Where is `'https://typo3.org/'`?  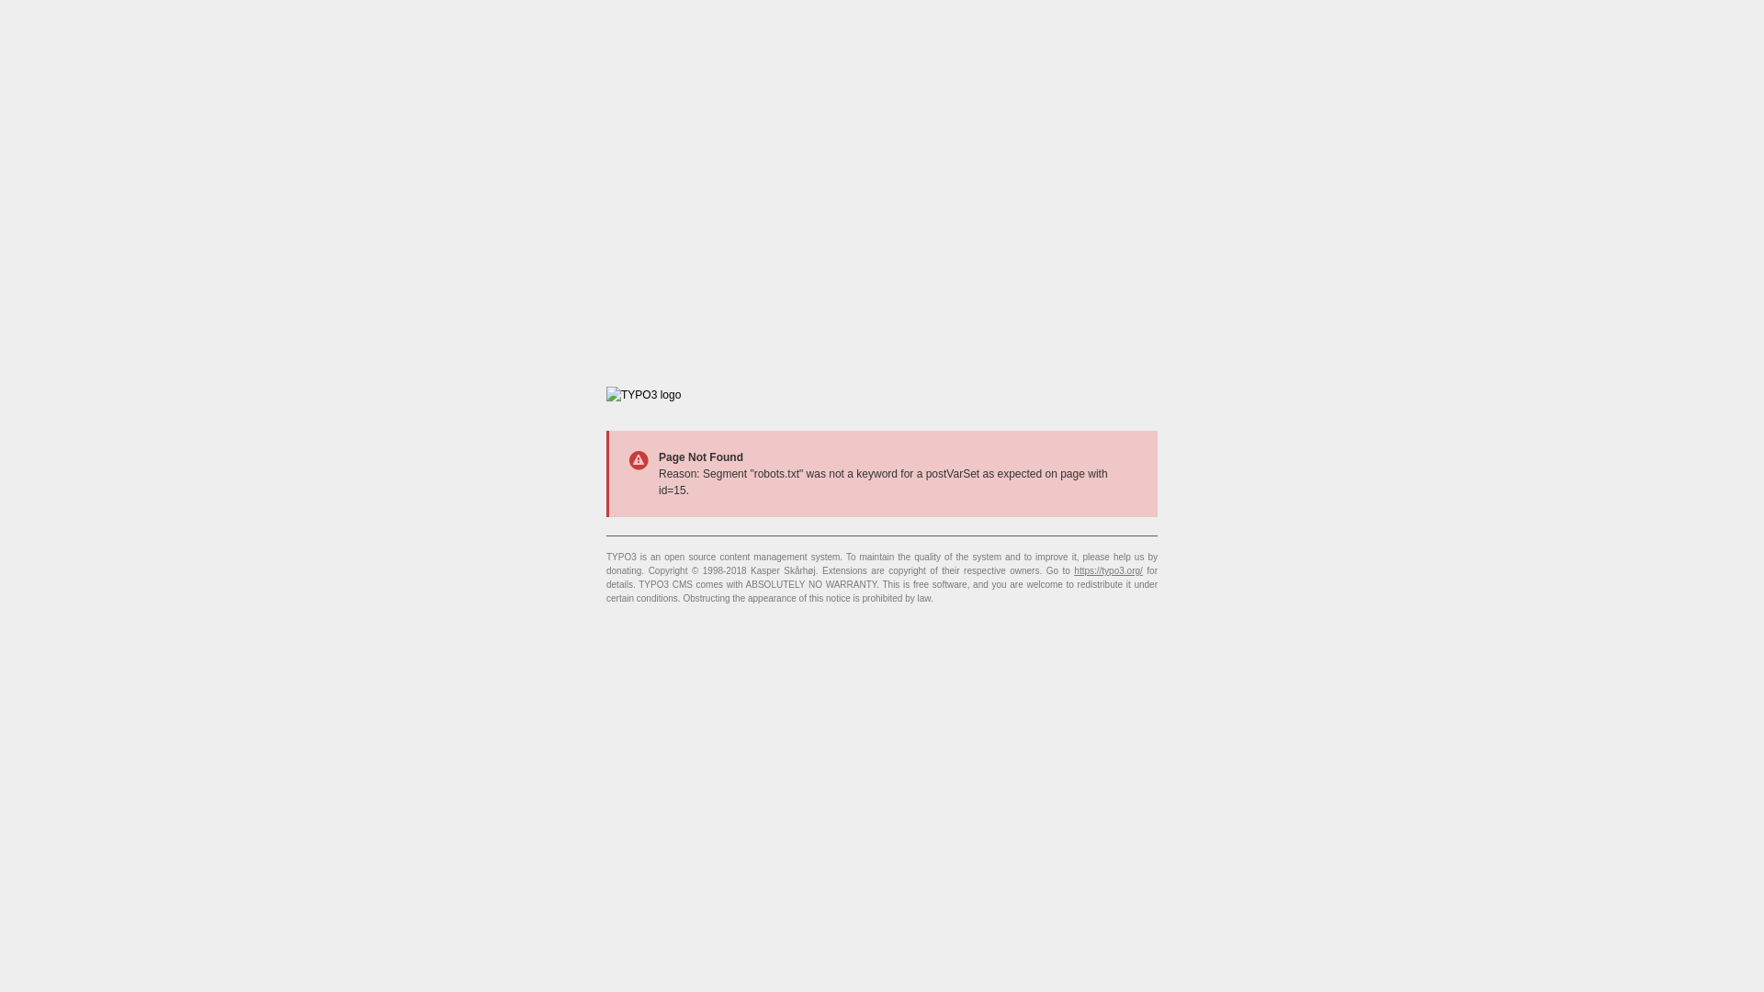
'https://typo3.org/' is located at coordinates (1074, 569).